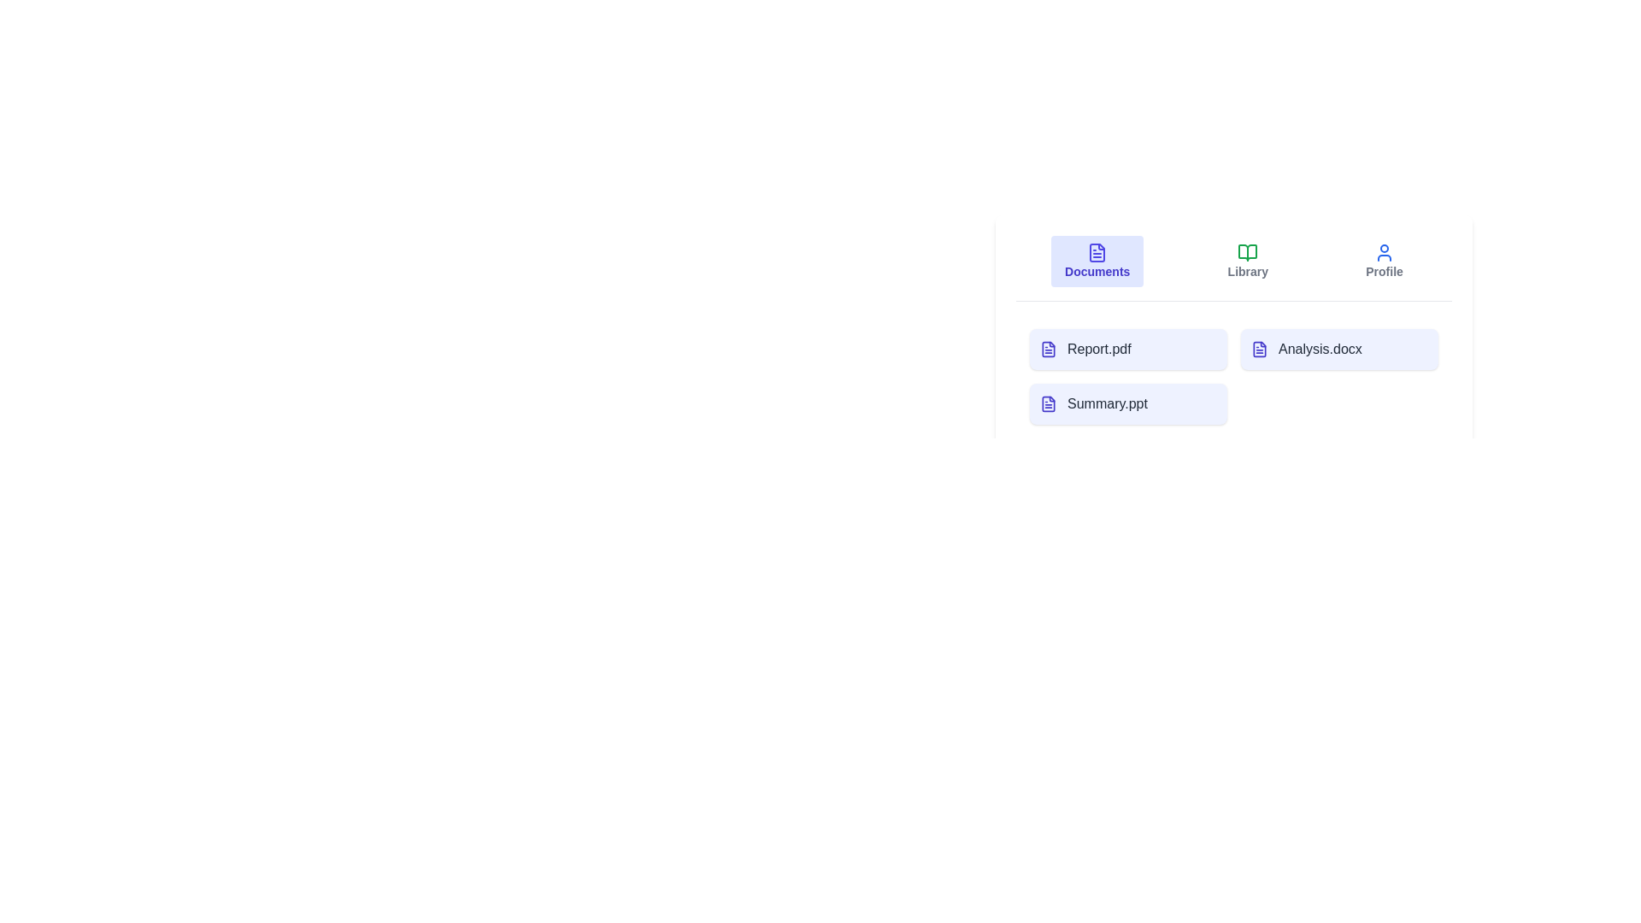 The height and width of the screenshot is (923, 1641). What do you see at coordinates (1097, 261) in the screenshot?
I see `the tab labeled Documents to observe its hover effect` at bounding box center [1097, 261].